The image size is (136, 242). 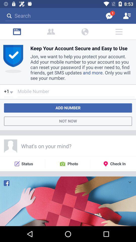 I want to click on the font icon, so click(x=51, y=32).